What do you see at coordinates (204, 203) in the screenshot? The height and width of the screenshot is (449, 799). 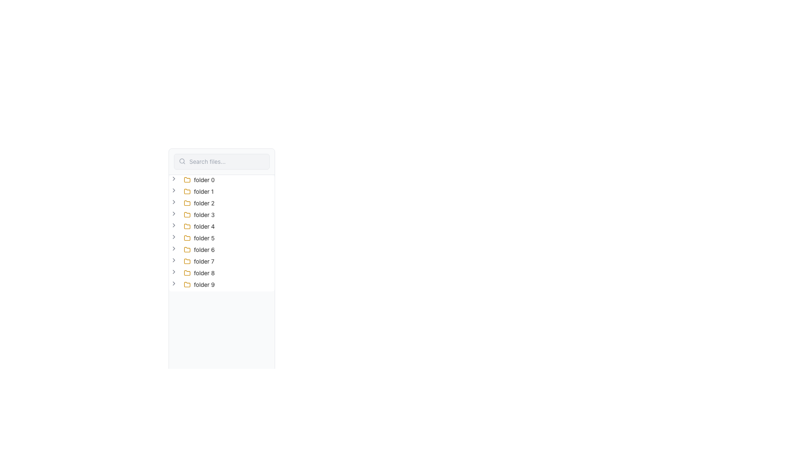 I see `the text label displaying 'folder 2', which is located in the third position of the vertical list in the left panel, next to a folder icon` at bounding box center [204, 203].